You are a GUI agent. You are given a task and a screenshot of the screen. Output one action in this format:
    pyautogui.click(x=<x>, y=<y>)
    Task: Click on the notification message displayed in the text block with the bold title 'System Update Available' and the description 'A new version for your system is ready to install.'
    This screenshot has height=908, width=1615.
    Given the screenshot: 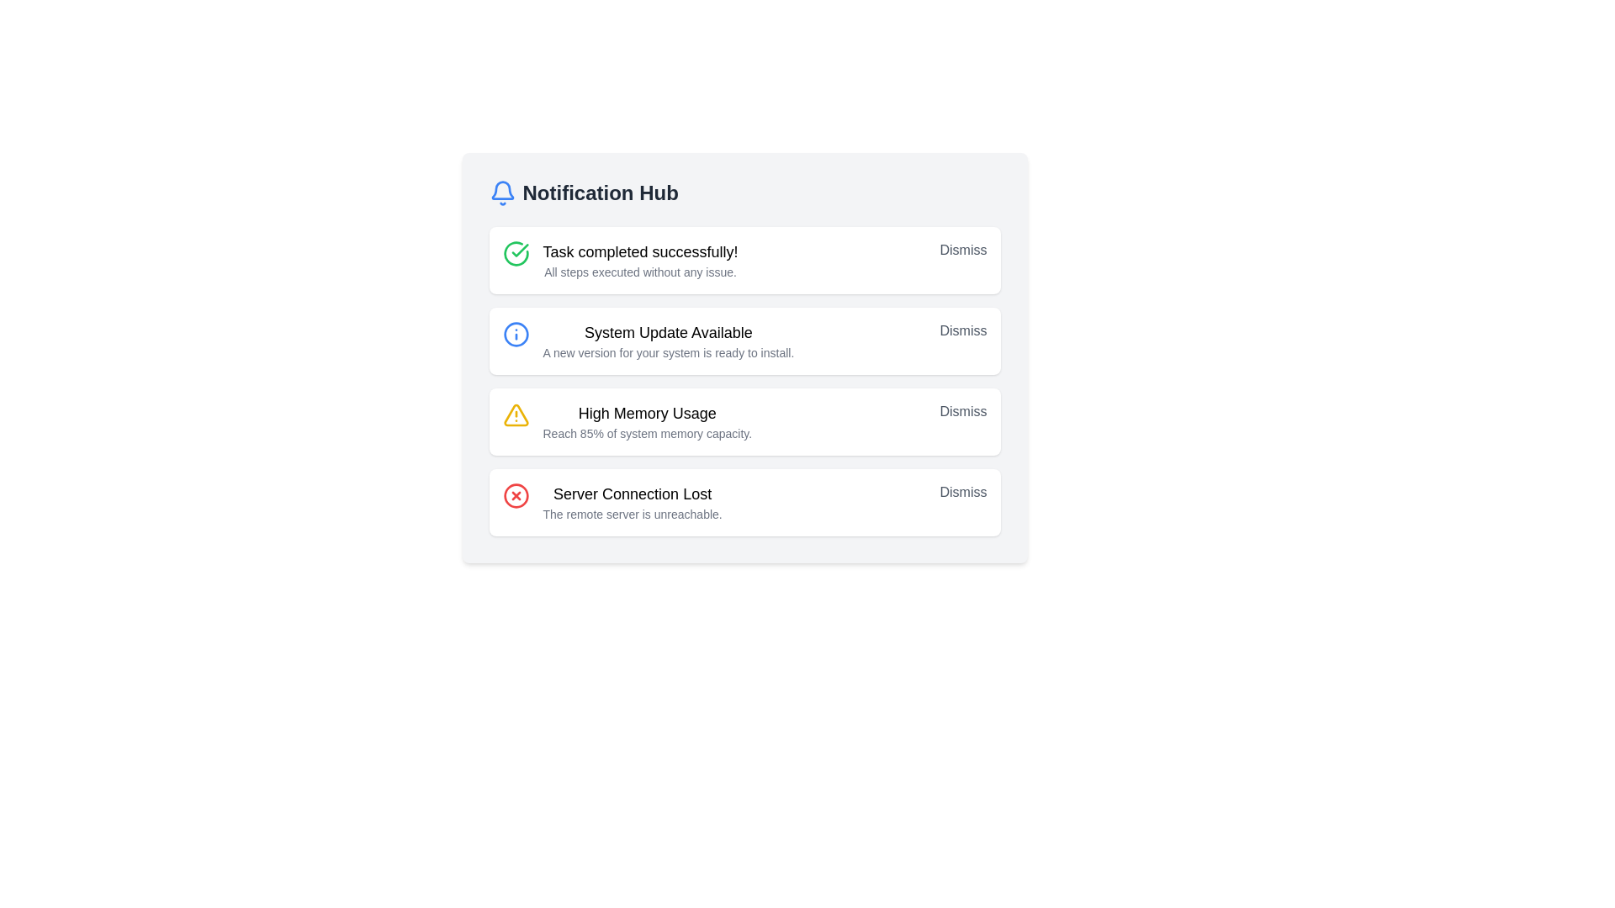 What is the action you would take?
    pyautogui.click(x=667, y=340)
    